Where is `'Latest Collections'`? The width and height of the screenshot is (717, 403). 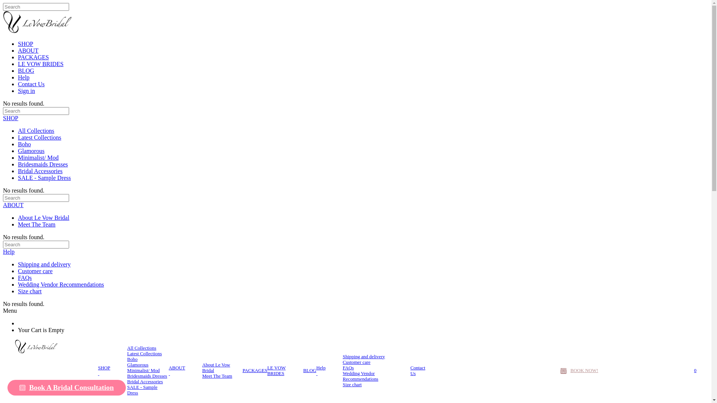 'Latest Collections' is located at coordinates (39, 137).